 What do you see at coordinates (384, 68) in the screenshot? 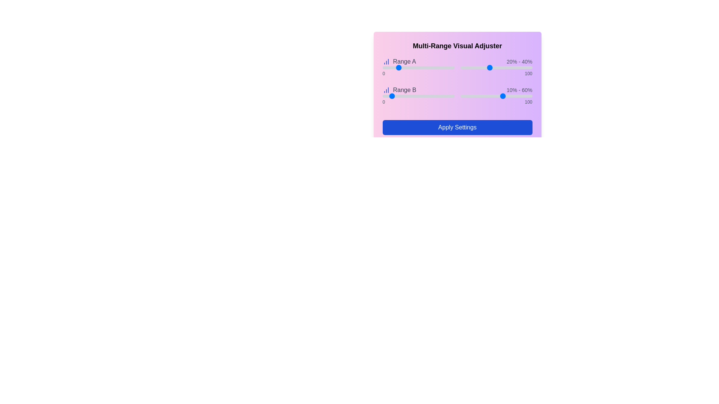
I see `the slider` at bounding box center [384, 68].